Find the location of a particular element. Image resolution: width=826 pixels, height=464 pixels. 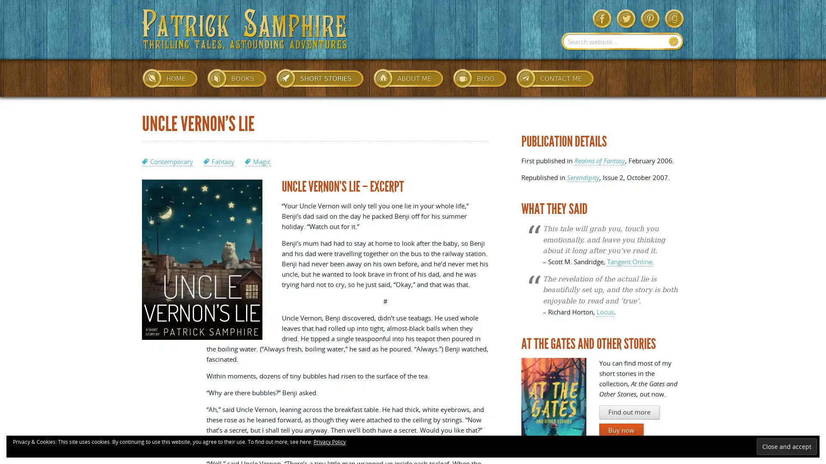

Search is located at coordinates (673, 41).